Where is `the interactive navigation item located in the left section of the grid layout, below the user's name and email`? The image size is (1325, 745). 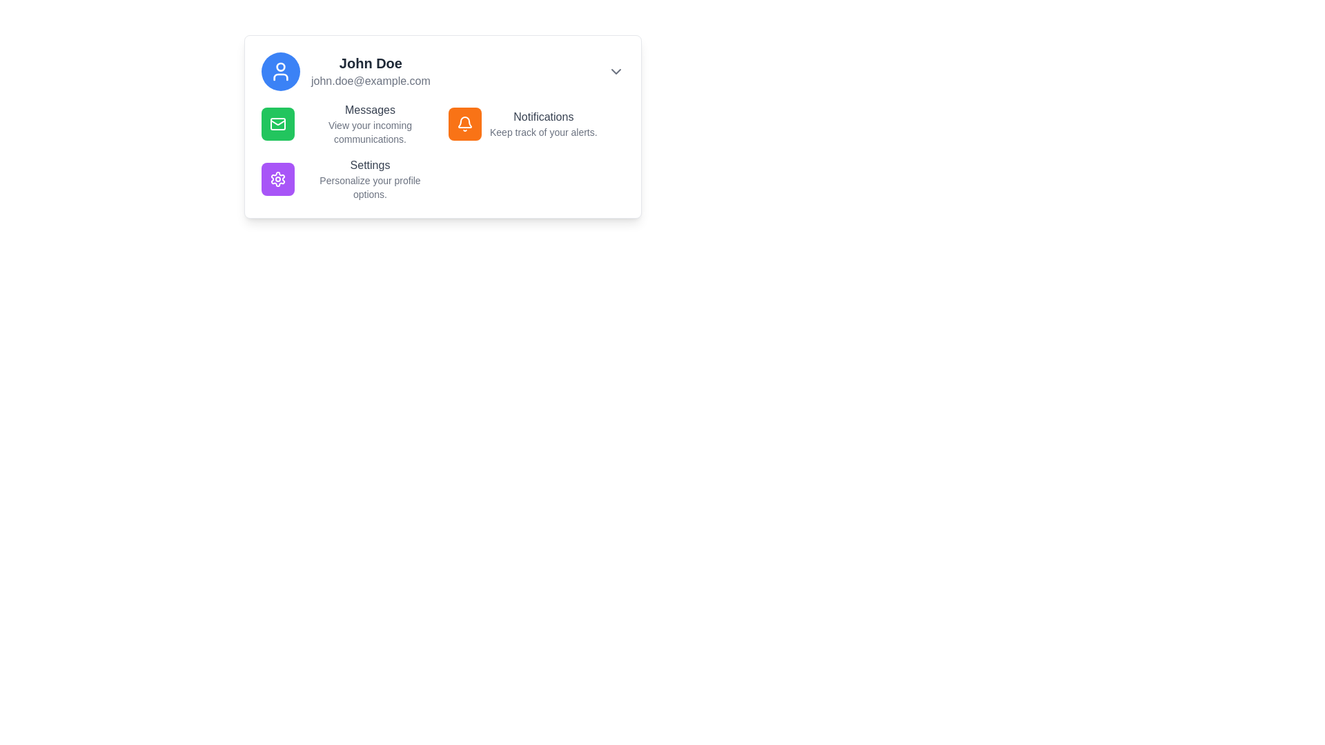 the interactive navigation item located in the left section of the grid layout, below the user's name and email is located at coordinates (349, 124).